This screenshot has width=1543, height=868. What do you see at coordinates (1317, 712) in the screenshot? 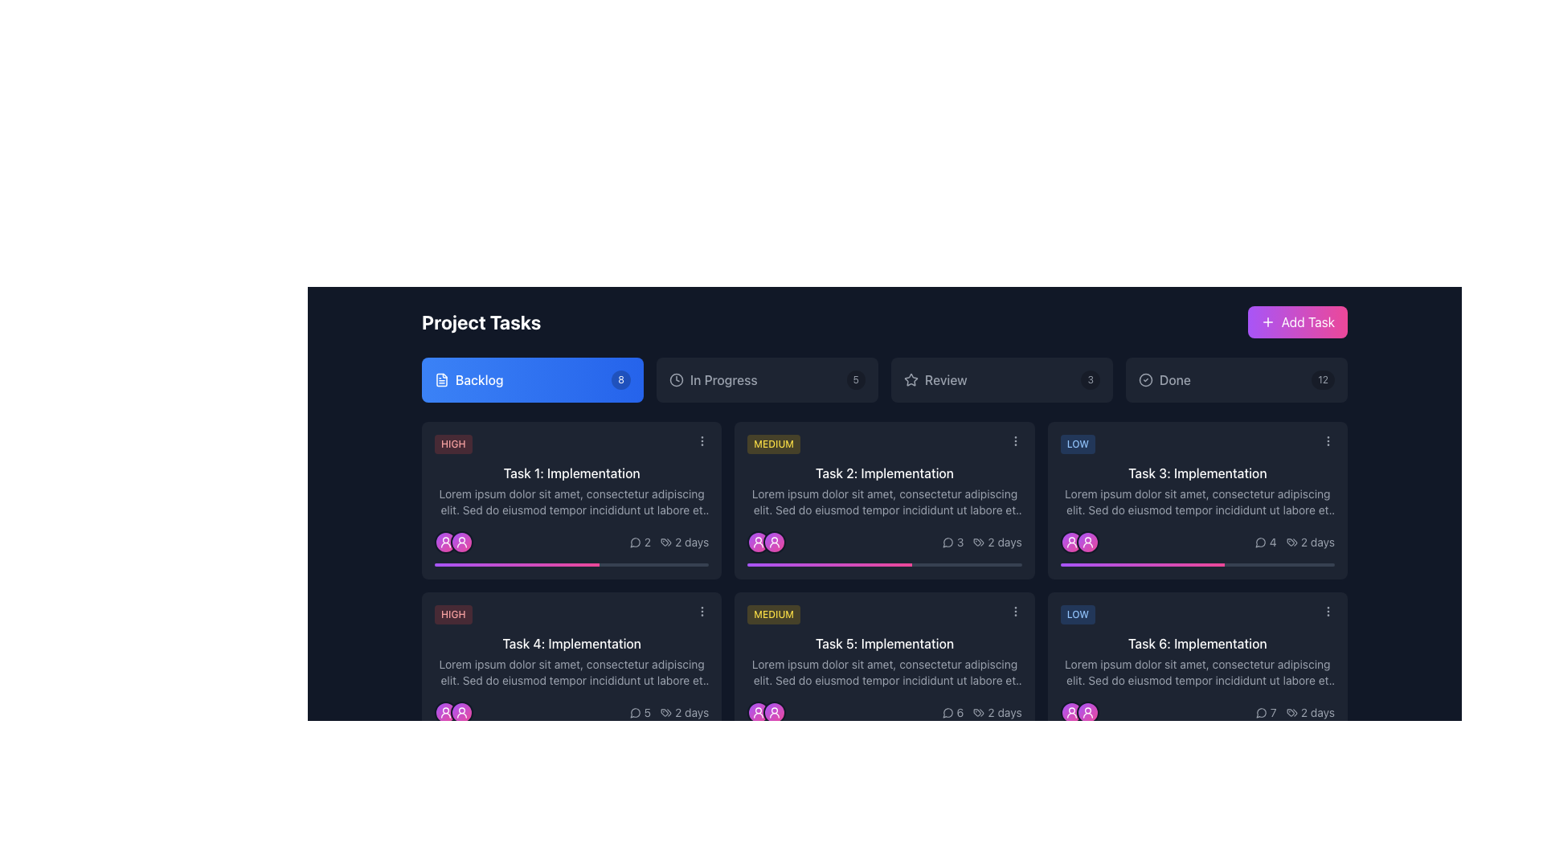
I see `the static text label indicating the remaining time for 'Task 6: Implementation', located in the bottom-right corner of the task card, adjacent to the speech bubble icon` at bounding box center [1317, 712].